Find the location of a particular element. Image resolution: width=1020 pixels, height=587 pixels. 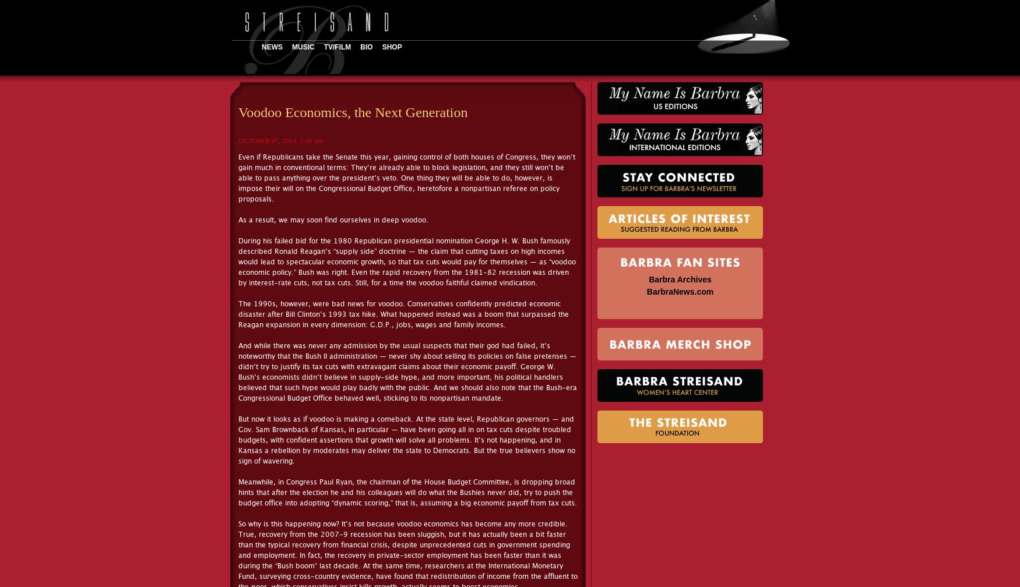

'And while there was never any admission by the usual suspects that their god had failed, it’s noteworthy that the Bush II administration — never shy about selling its policies on false pretenses — didn’t try to justify its tax cuts with extravagant claims about their economic payoff. George W. Bush’s economists didn’t believe in supply-side hype, and more important, his political handlers believed that such hype would play badly with the public. And we should also note that the Bush-era Congressional Budget Office behaved well, sticking to its nonpartisan mandate.' is located at coordinates (407, 372).